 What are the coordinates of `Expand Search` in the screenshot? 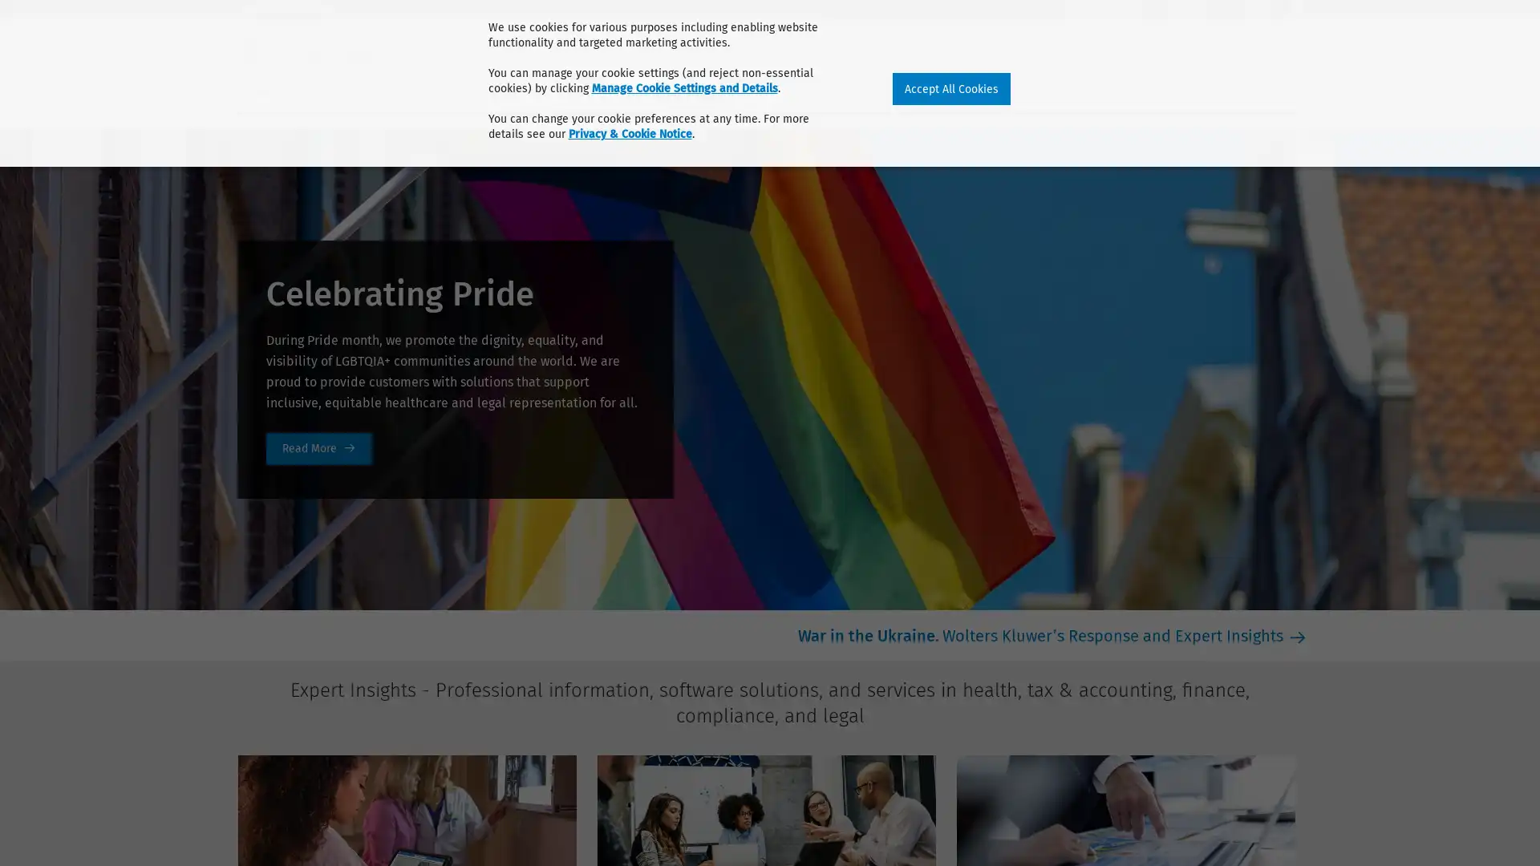 It's located at (1296, 46).